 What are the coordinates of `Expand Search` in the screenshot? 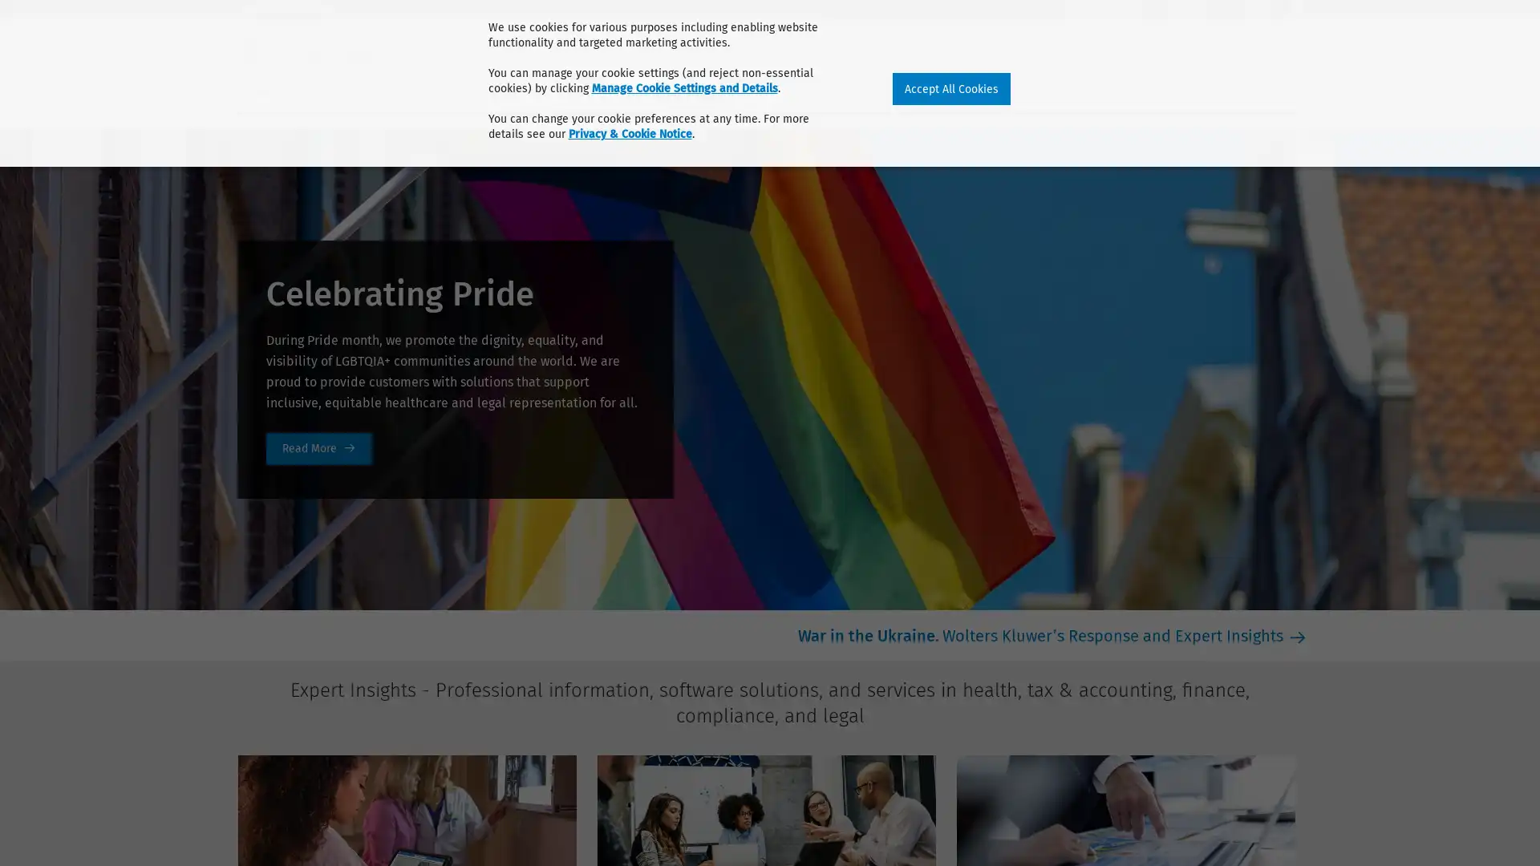 It's located at (1296, 46).